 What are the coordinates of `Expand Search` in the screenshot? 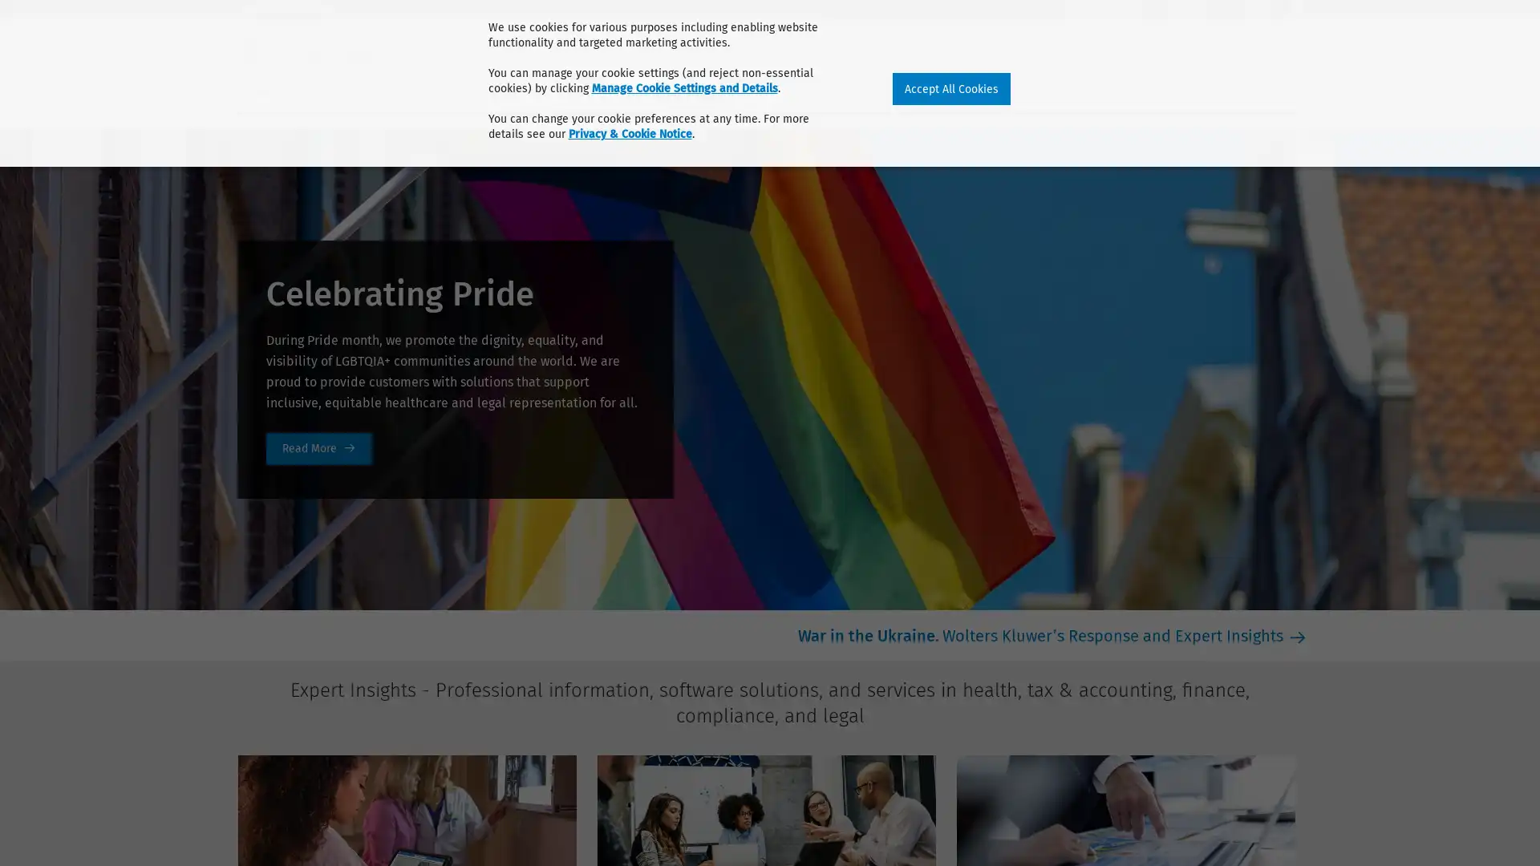 It's located at (1296, 46).